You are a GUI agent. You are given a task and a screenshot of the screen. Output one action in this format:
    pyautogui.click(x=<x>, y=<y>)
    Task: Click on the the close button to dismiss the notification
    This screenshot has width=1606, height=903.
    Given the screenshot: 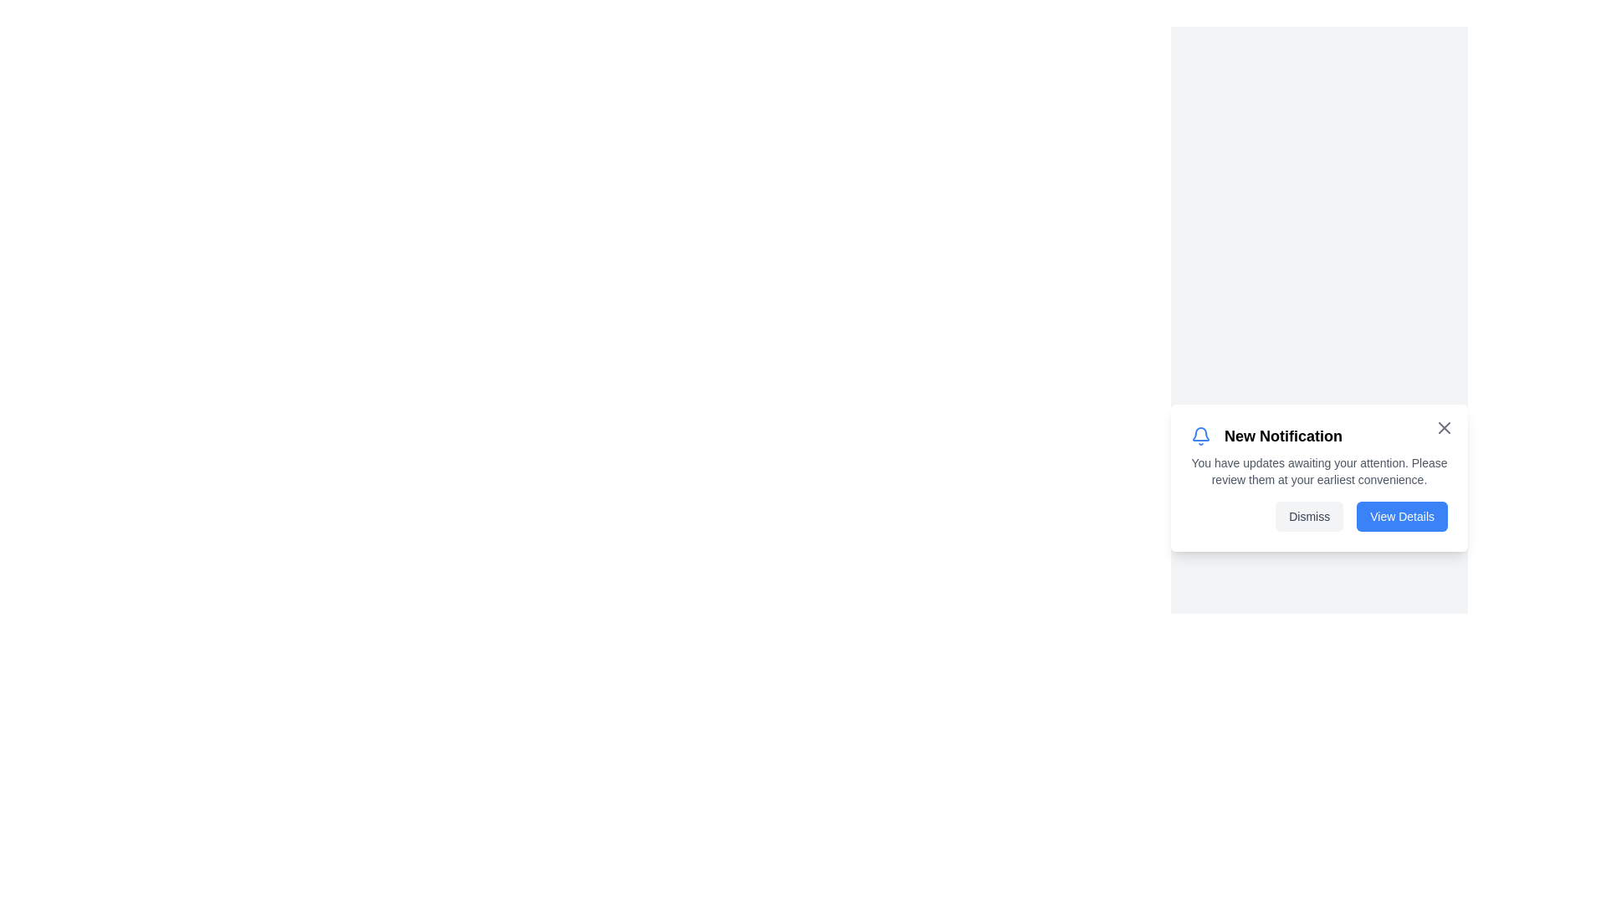 What is the action you would take?
    pyautogui.click(x=1444, y=427)
    